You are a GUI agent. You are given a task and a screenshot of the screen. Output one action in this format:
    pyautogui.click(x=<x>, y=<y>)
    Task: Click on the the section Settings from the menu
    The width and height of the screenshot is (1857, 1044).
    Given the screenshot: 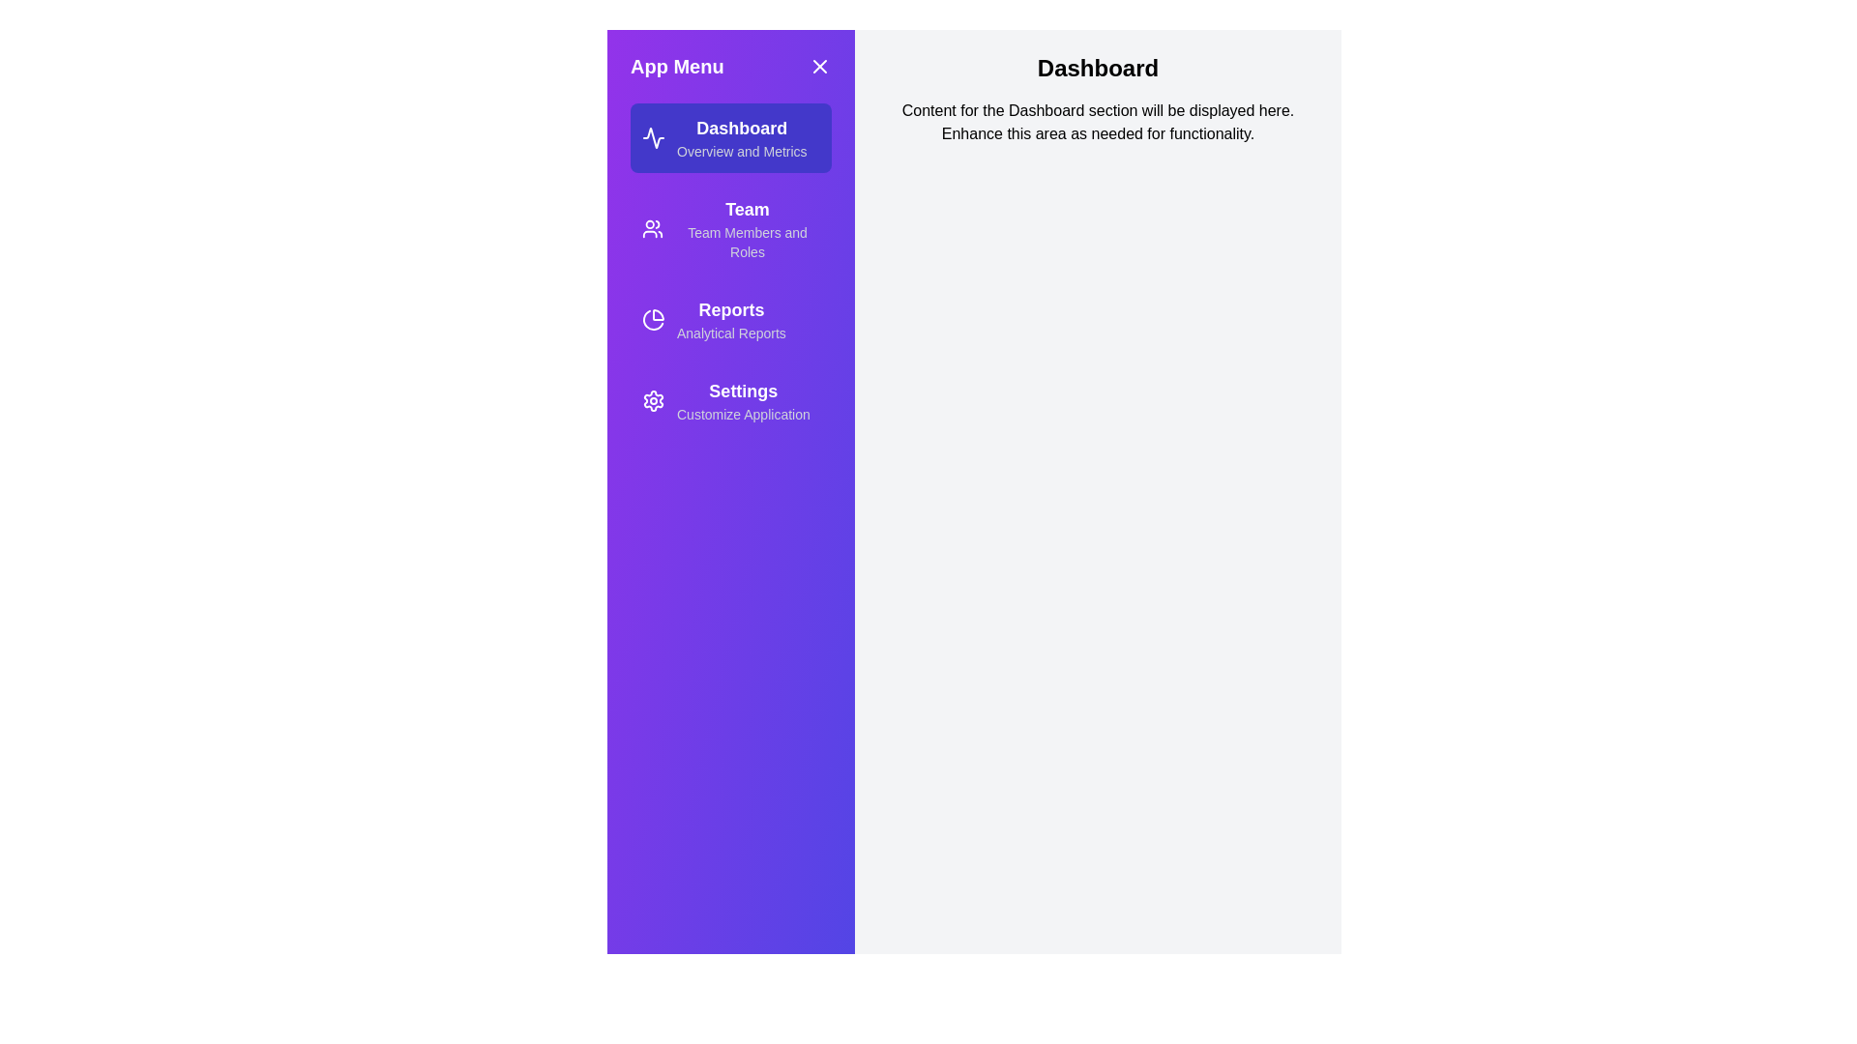 What is the action you would take?
    pyautogui.click(x=729, y=400)
    